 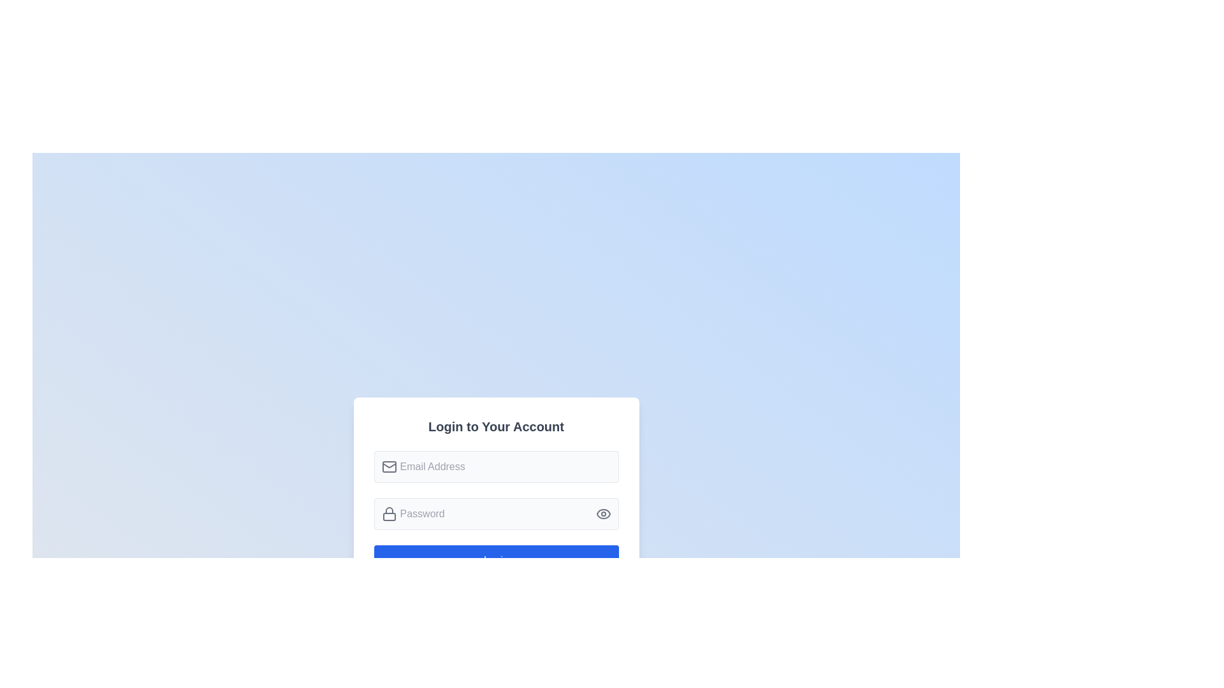 What do you see at coordinates (602, 513) in the screenshot?
I see `the eye icon button located to the right side of the password input field` at bounding box center [602, 513].